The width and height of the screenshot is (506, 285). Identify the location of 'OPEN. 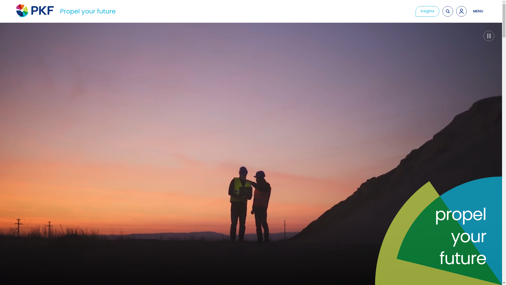
(478, 11).